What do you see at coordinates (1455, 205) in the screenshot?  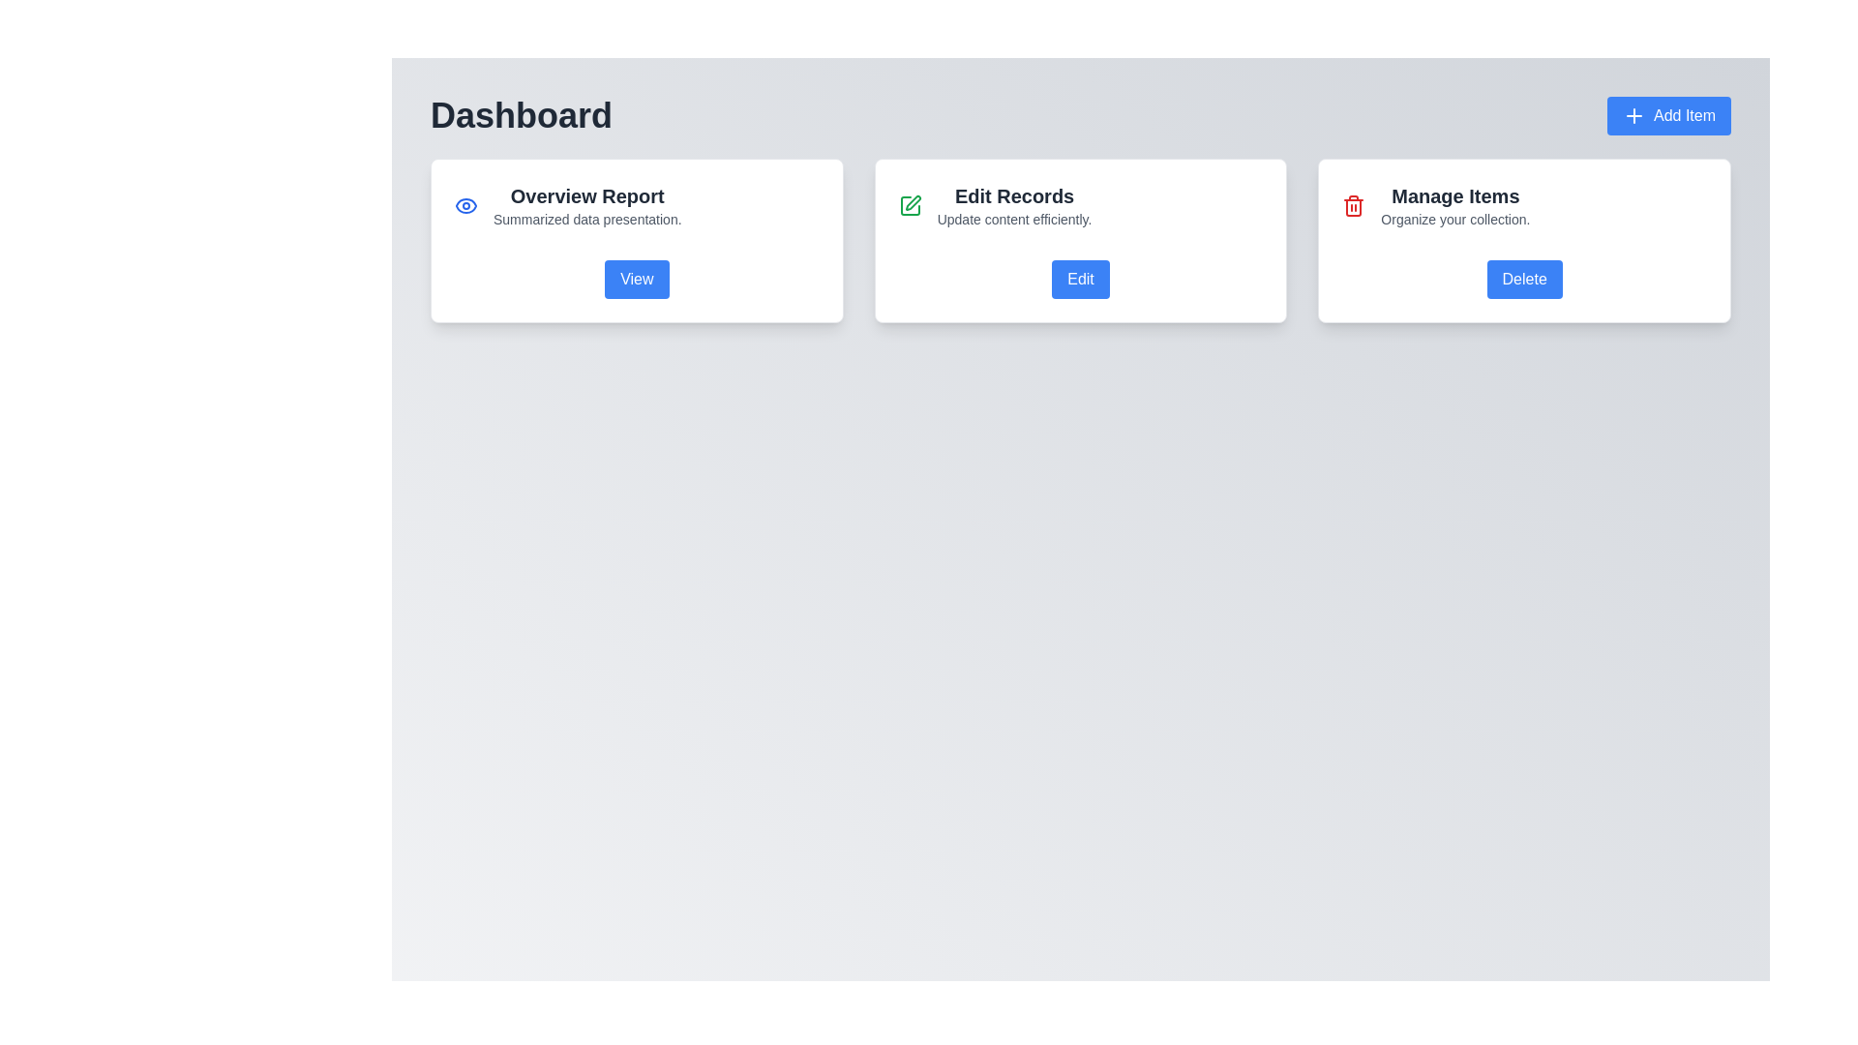 I see `text from the textual label functioning as the header of the third card in the dashboard, located to the right of the 'Edit Records' card` at bounding box center [1455, 205].